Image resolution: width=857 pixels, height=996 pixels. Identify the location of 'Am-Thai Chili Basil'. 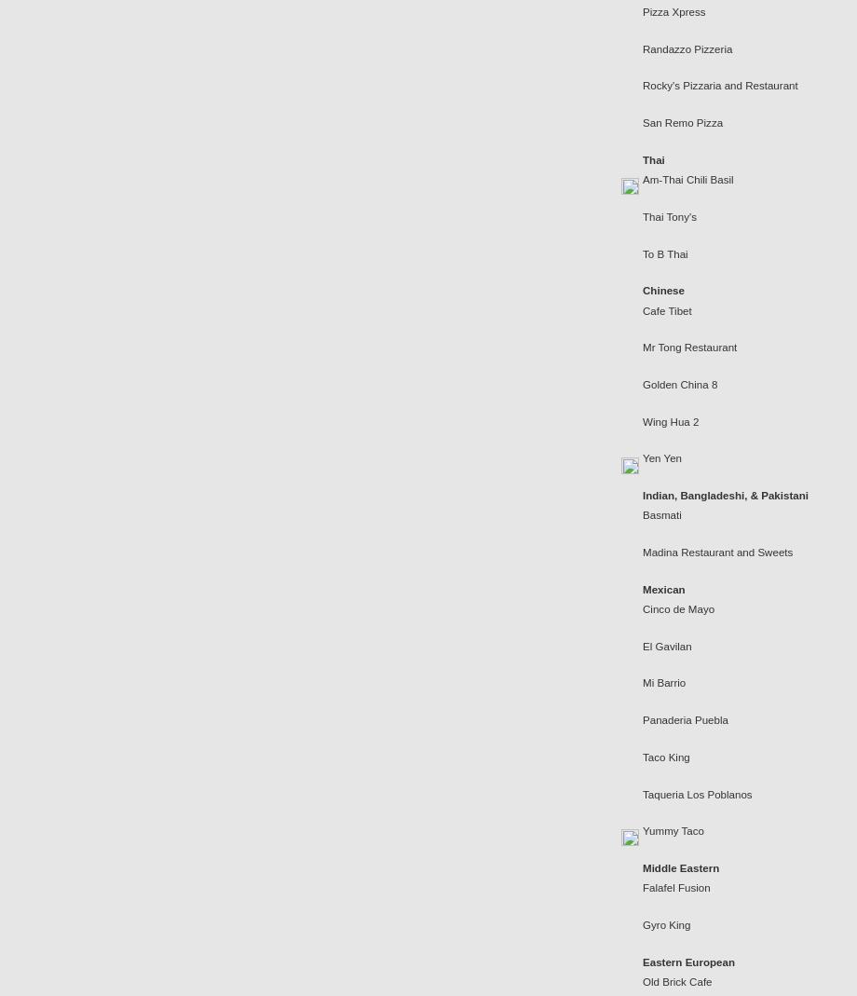
(687, 179).